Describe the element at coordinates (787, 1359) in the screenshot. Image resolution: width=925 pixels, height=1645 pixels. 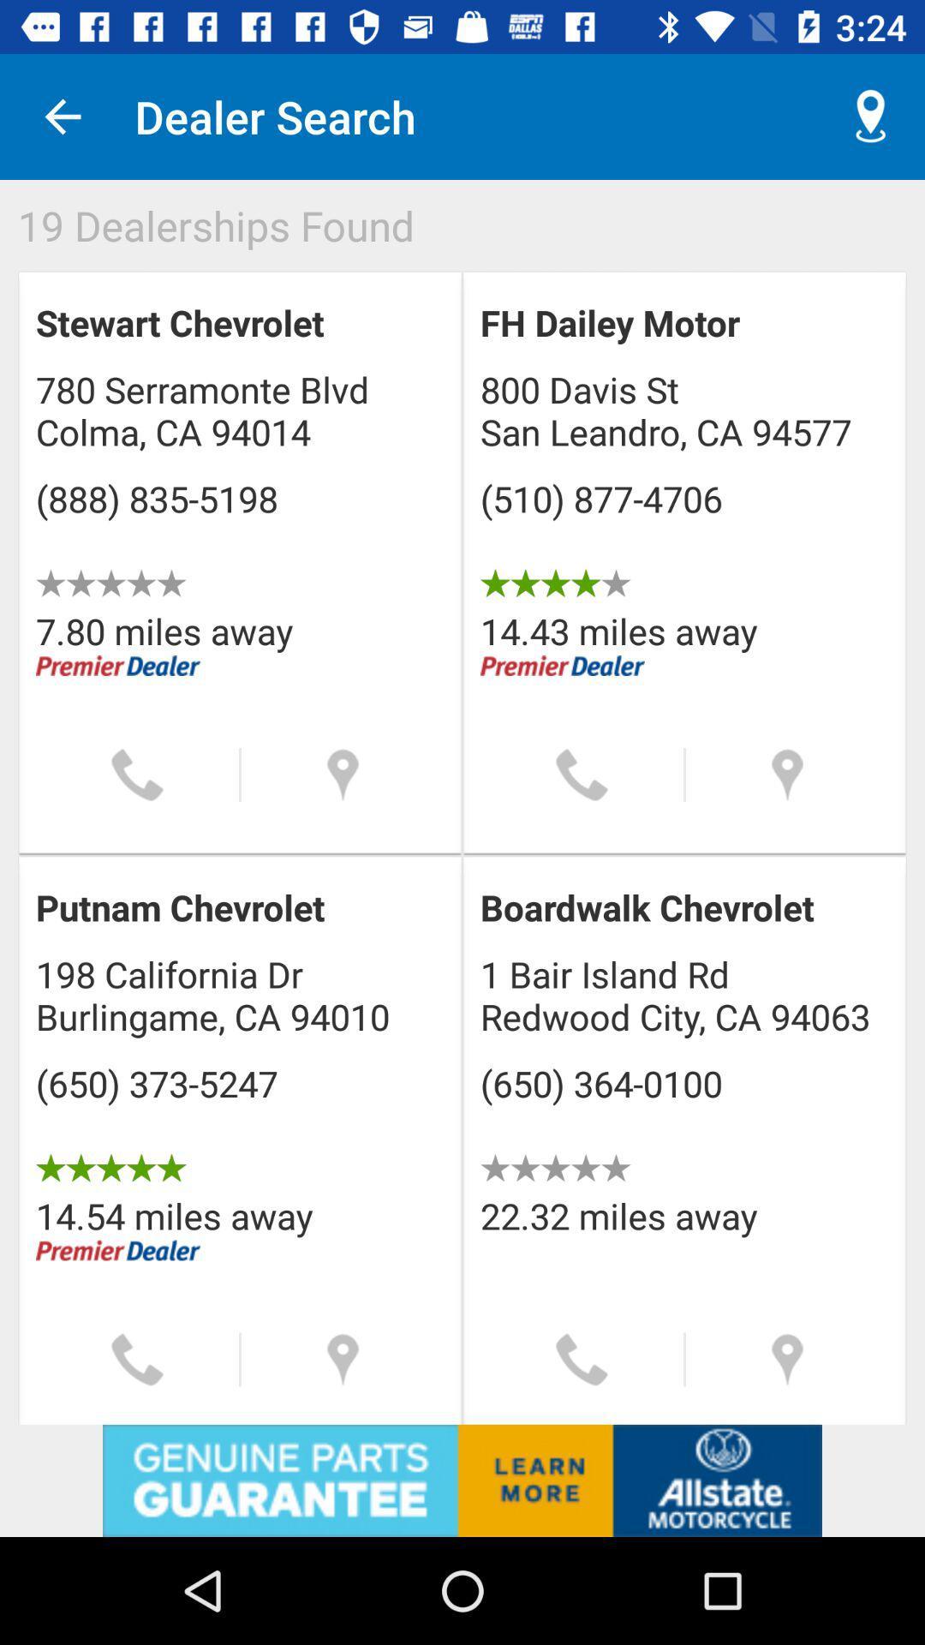
I see `on map` at that location.